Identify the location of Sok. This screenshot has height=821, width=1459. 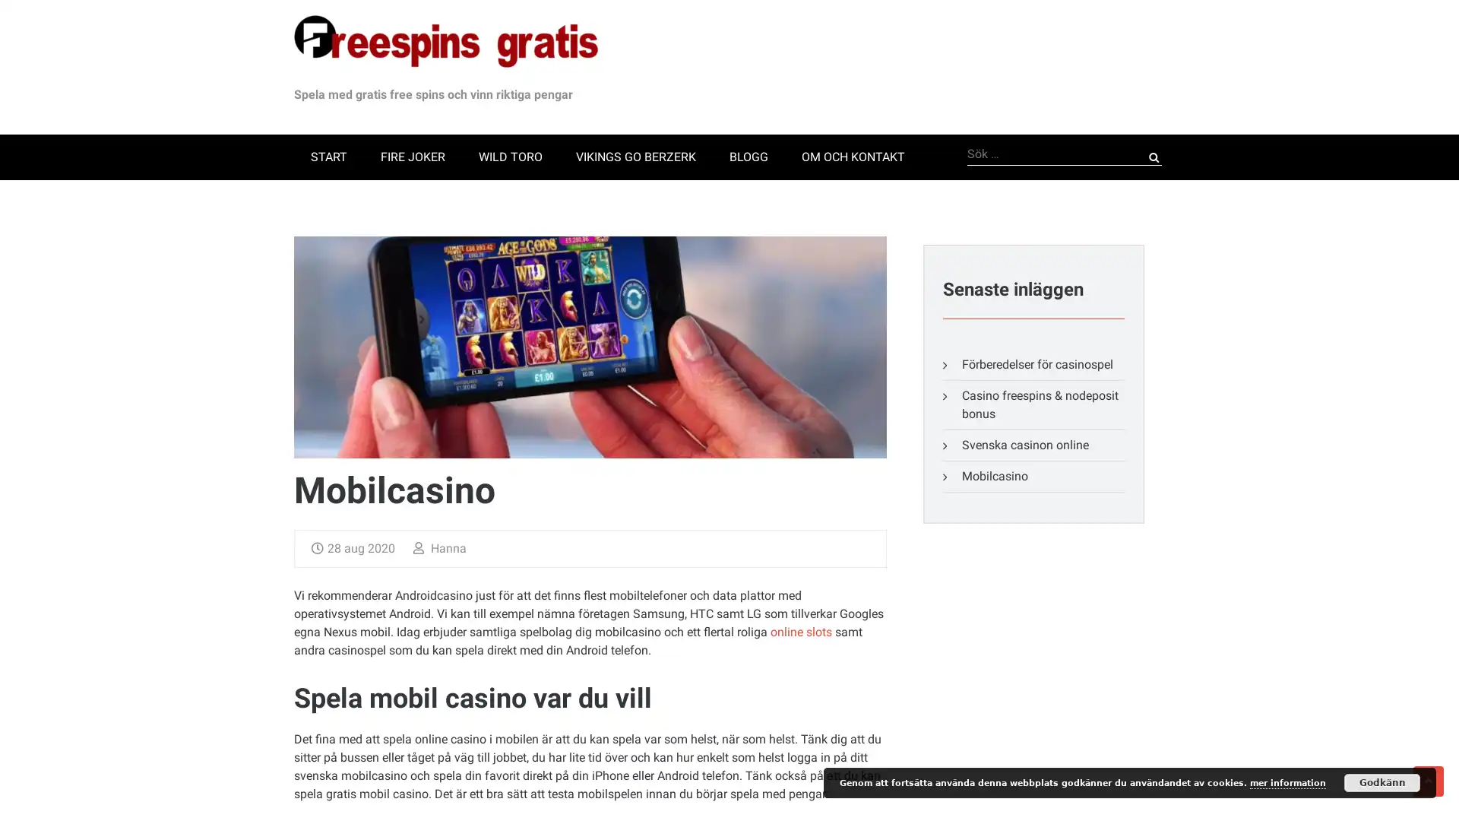
(1148, 158).